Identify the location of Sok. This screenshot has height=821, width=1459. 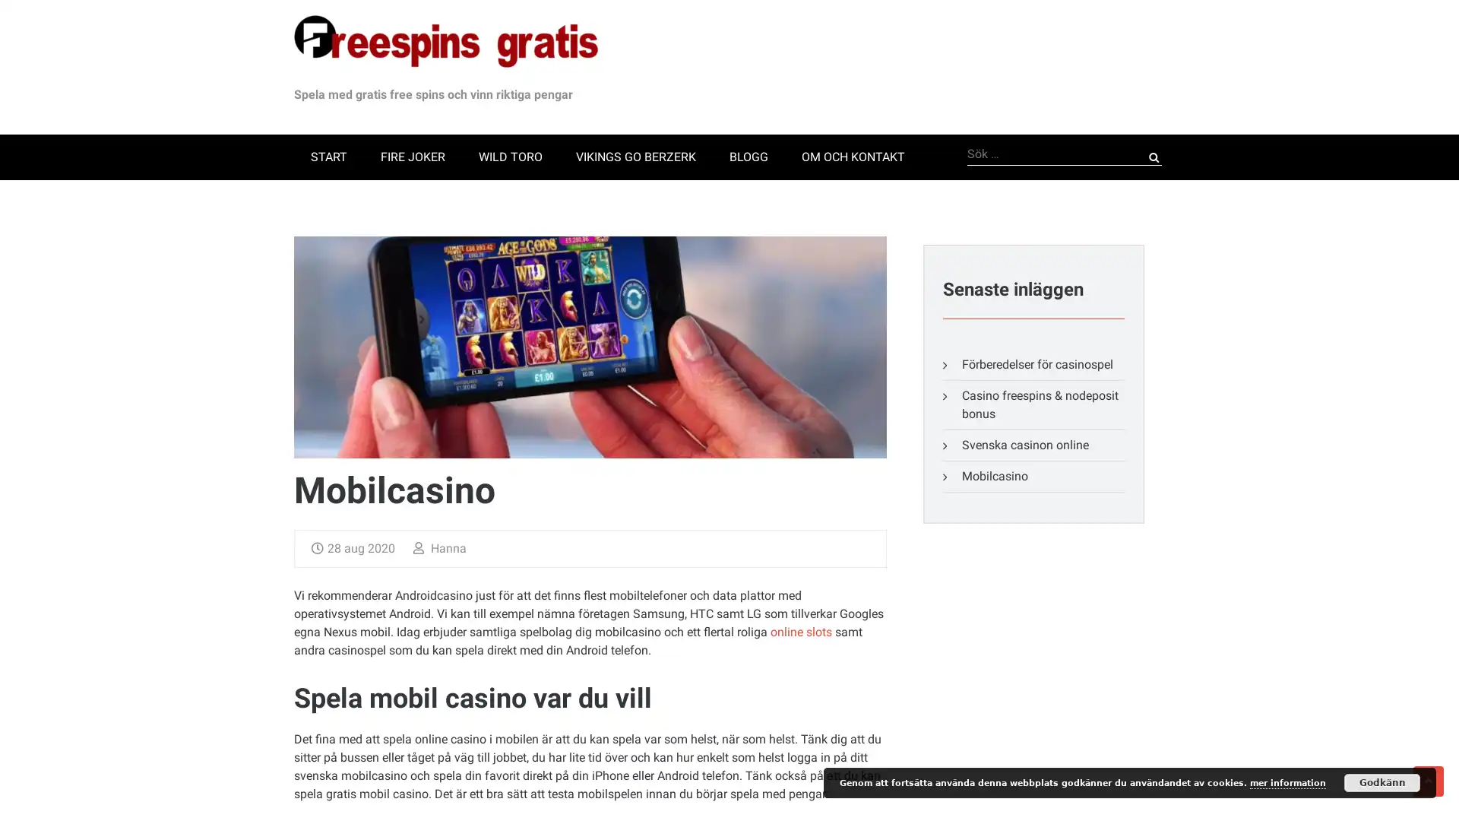
(1148, 158).